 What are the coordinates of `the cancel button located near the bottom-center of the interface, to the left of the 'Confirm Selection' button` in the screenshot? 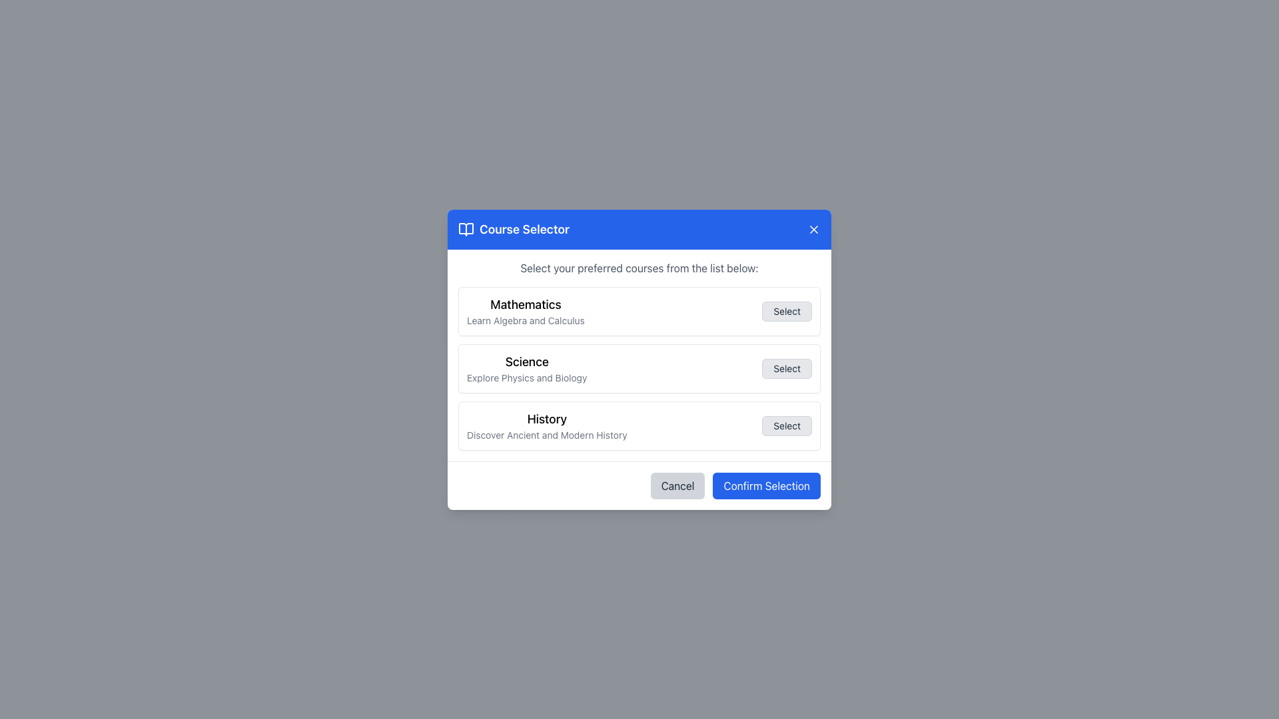 It's located at (677, 485).